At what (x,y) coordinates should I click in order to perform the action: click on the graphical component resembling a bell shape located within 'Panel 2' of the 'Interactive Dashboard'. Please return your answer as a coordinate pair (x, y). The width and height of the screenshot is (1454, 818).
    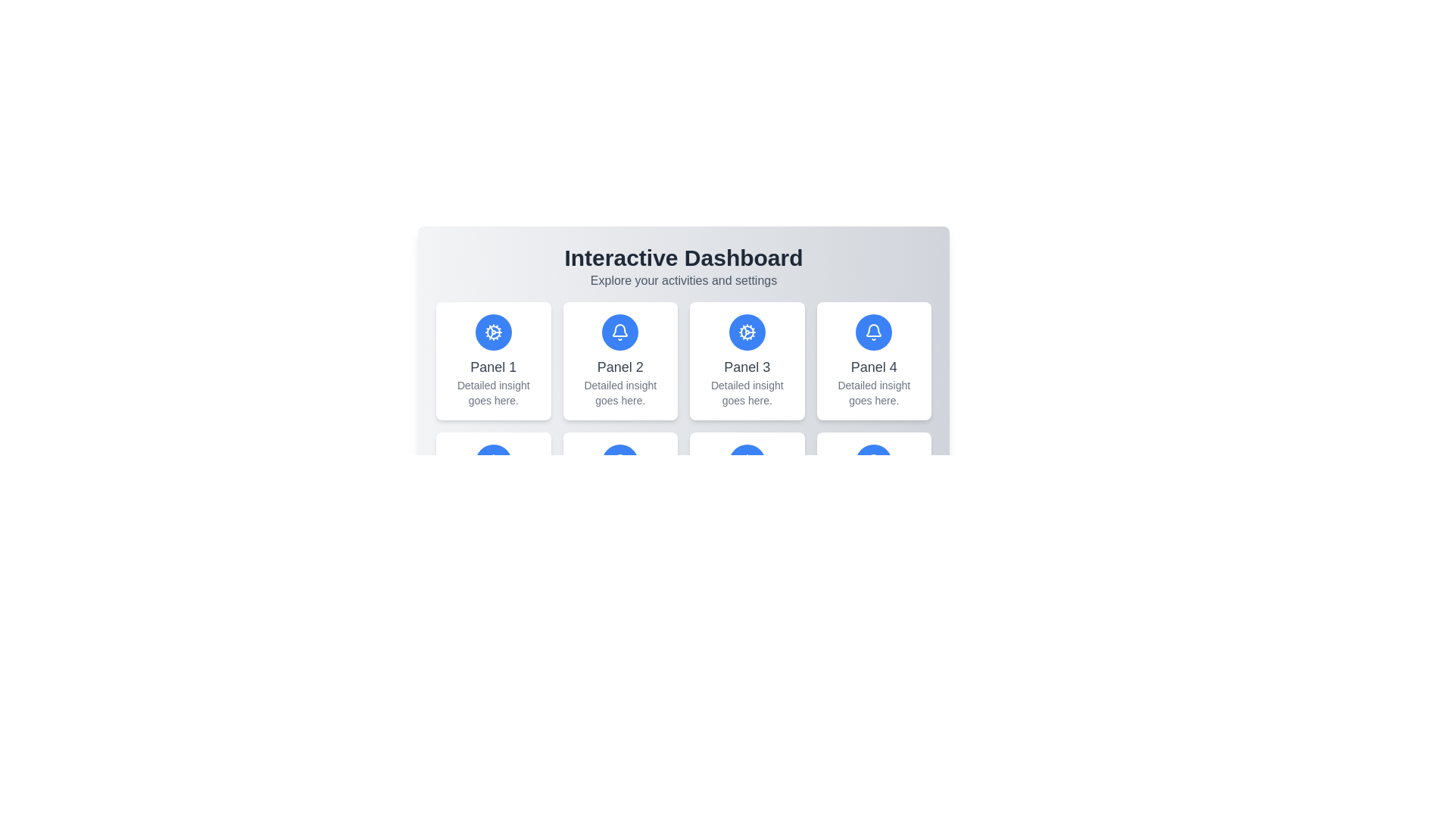
    Looking at the image, I should click on (620, 460).